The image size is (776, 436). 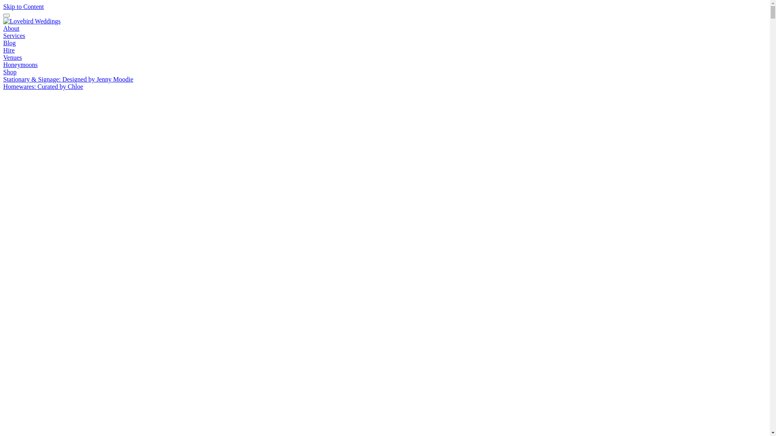 I want to click on 'Services', so click(x=14, y=35).